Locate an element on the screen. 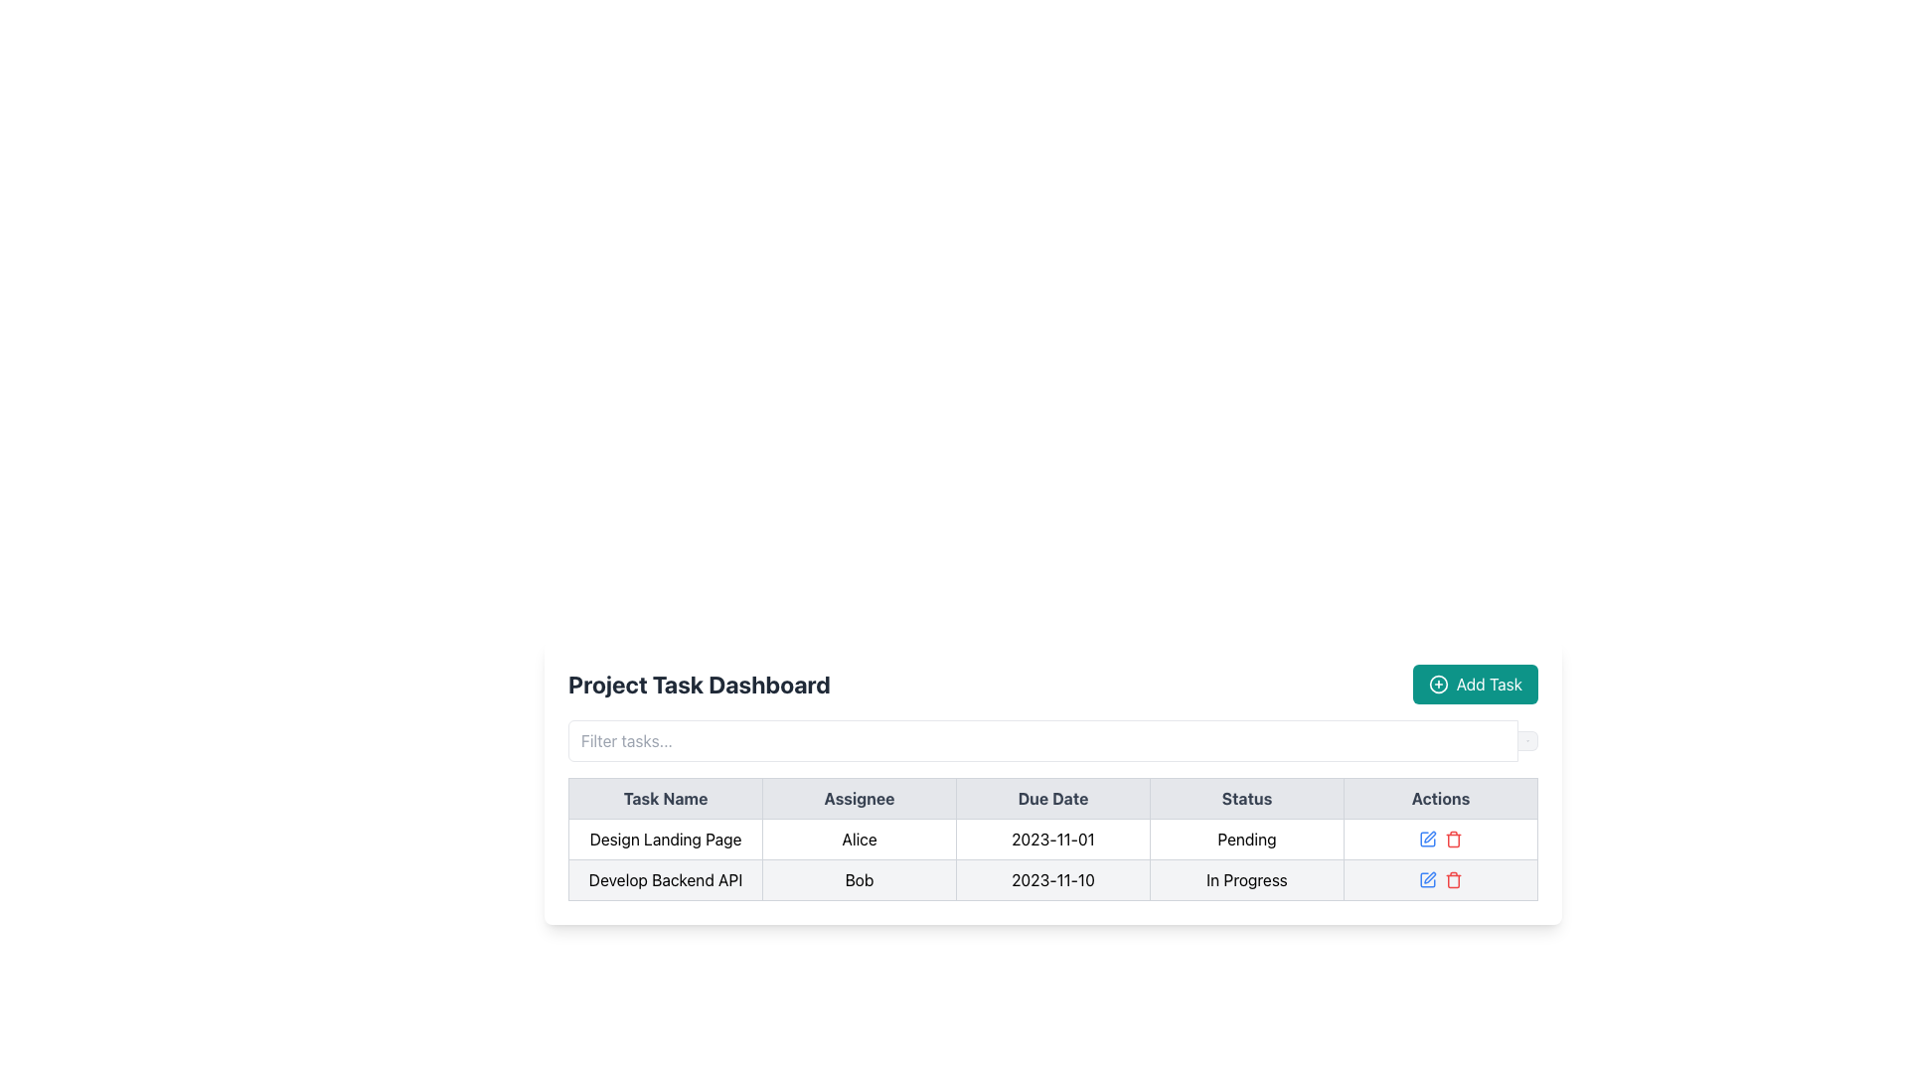 The image size is (1908, 1073). text '2023-11-10' displayed in the centered position within the rectangular cell of the 'Due Date' column in the second row of the table, which aligns with the 'Develop Backend API' task is located at coordinates (1052, 879).